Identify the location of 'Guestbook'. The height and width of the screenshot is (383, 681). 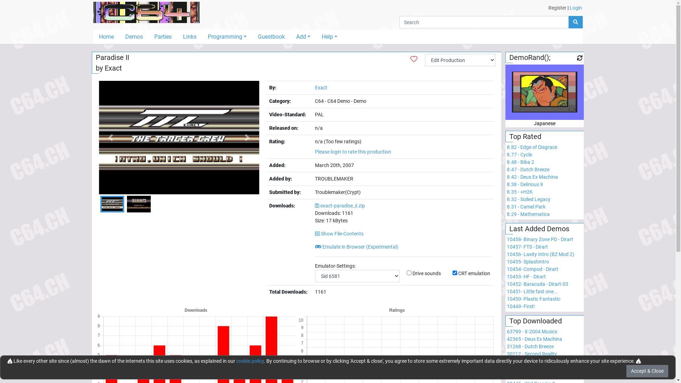
(271, 37).